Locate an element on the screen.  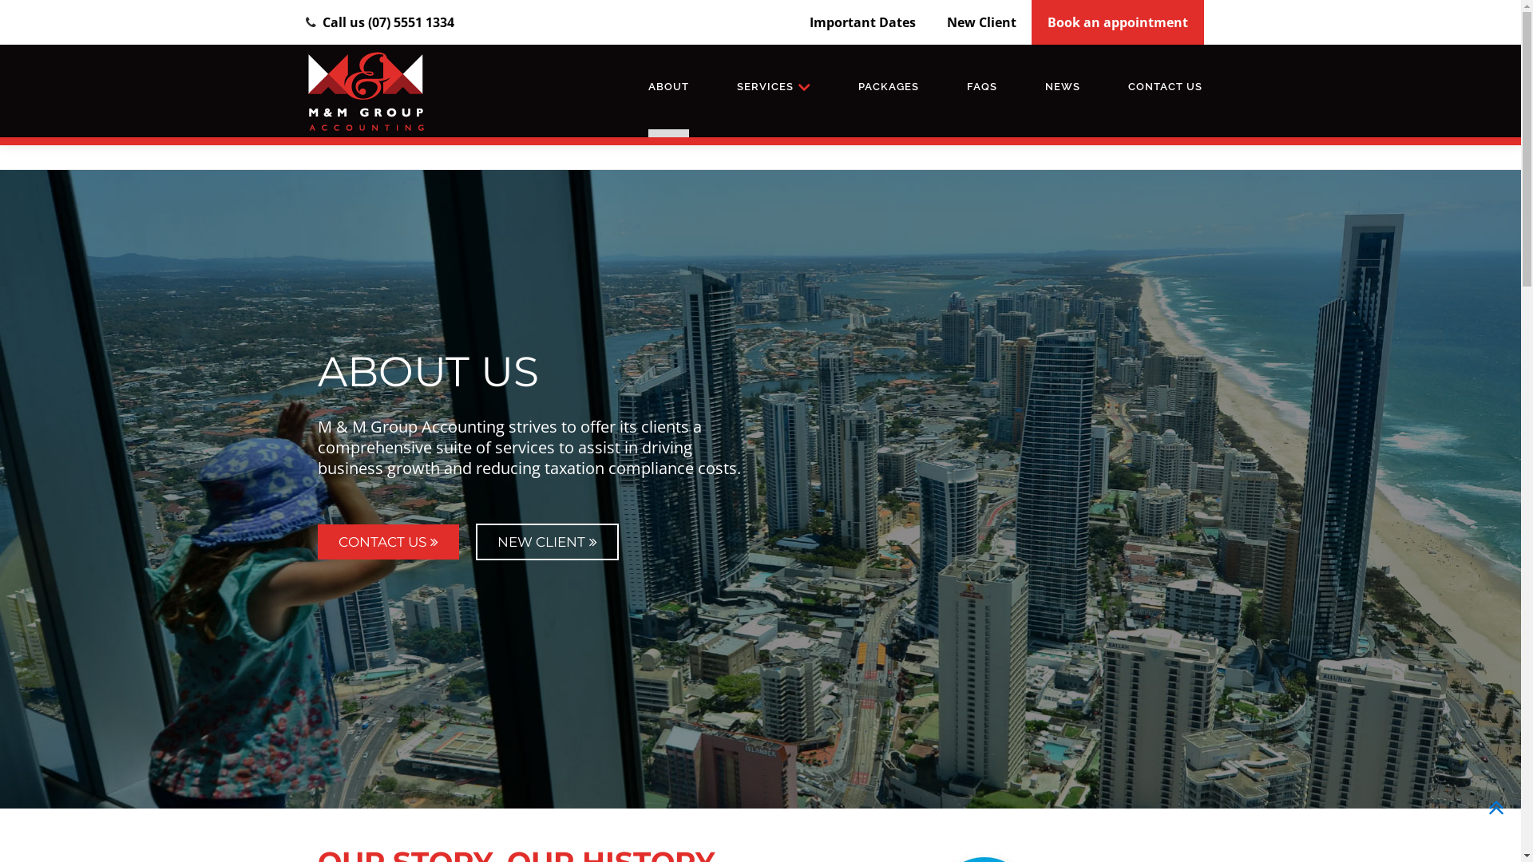
'New Client' is located at coordinates (980, 22).